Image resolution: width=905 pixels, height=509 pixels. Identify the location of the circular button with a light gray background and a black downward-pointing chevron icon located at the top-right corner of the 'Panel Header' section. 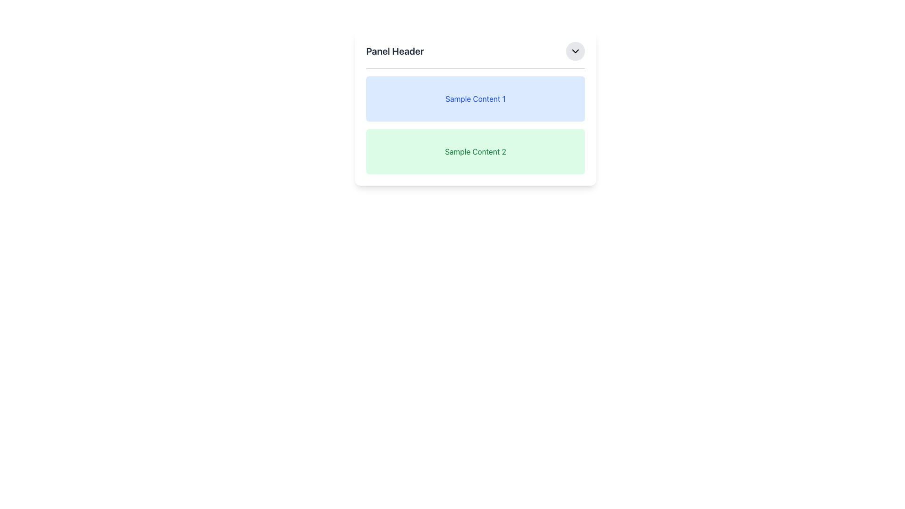
(575, 51).